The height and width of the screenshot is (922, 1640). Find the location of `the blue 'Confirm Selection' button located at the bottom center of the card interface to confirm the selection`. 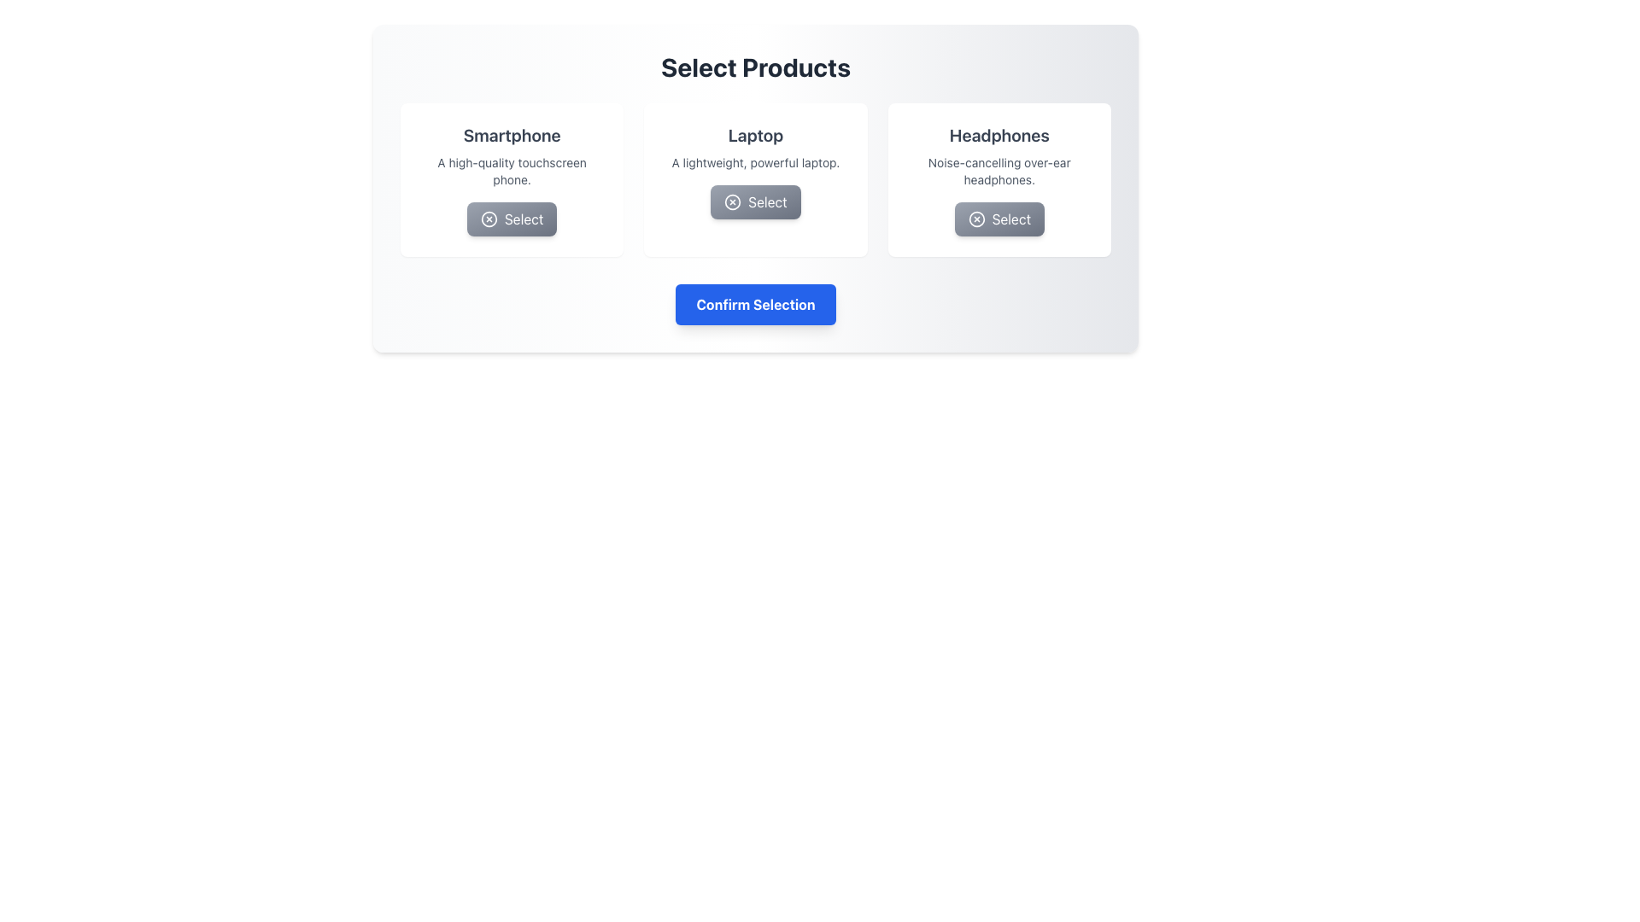

the blue 'Confirm Selection' button located at the bottom center of the card interface to confirm the selection is located at coordinates (754, 304).